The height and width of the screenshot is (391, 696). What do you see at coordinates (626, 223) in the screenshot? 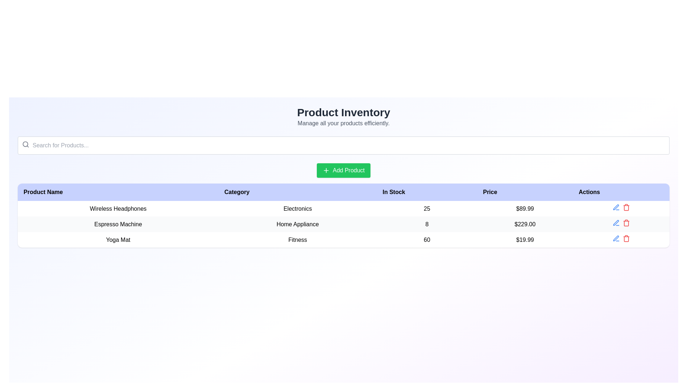
I see `the trash can icon in the Actions column of the Espresso Machine product entry to initiate deletion` at bounding box center [626, 223].